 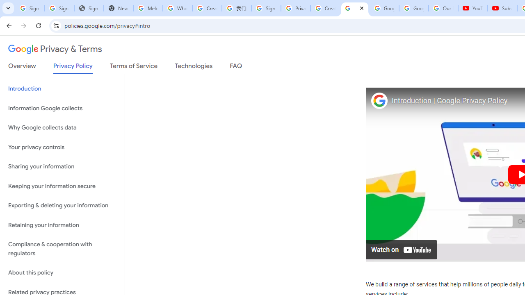 What do you see at coordinates (62, 128) in the screenshot?
I see `'Why Google collects data'` at bounding box center [62, 128].